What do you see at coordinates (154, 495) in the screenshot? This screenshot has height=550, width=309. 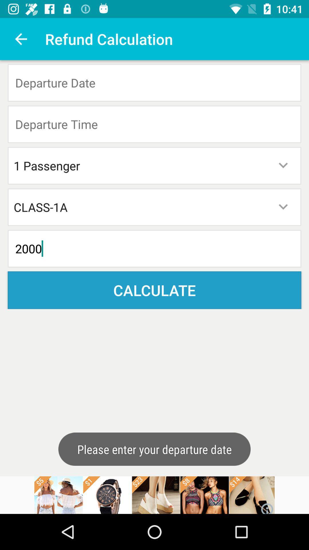 I see `advertisent page` at bounding box center [154, 495].